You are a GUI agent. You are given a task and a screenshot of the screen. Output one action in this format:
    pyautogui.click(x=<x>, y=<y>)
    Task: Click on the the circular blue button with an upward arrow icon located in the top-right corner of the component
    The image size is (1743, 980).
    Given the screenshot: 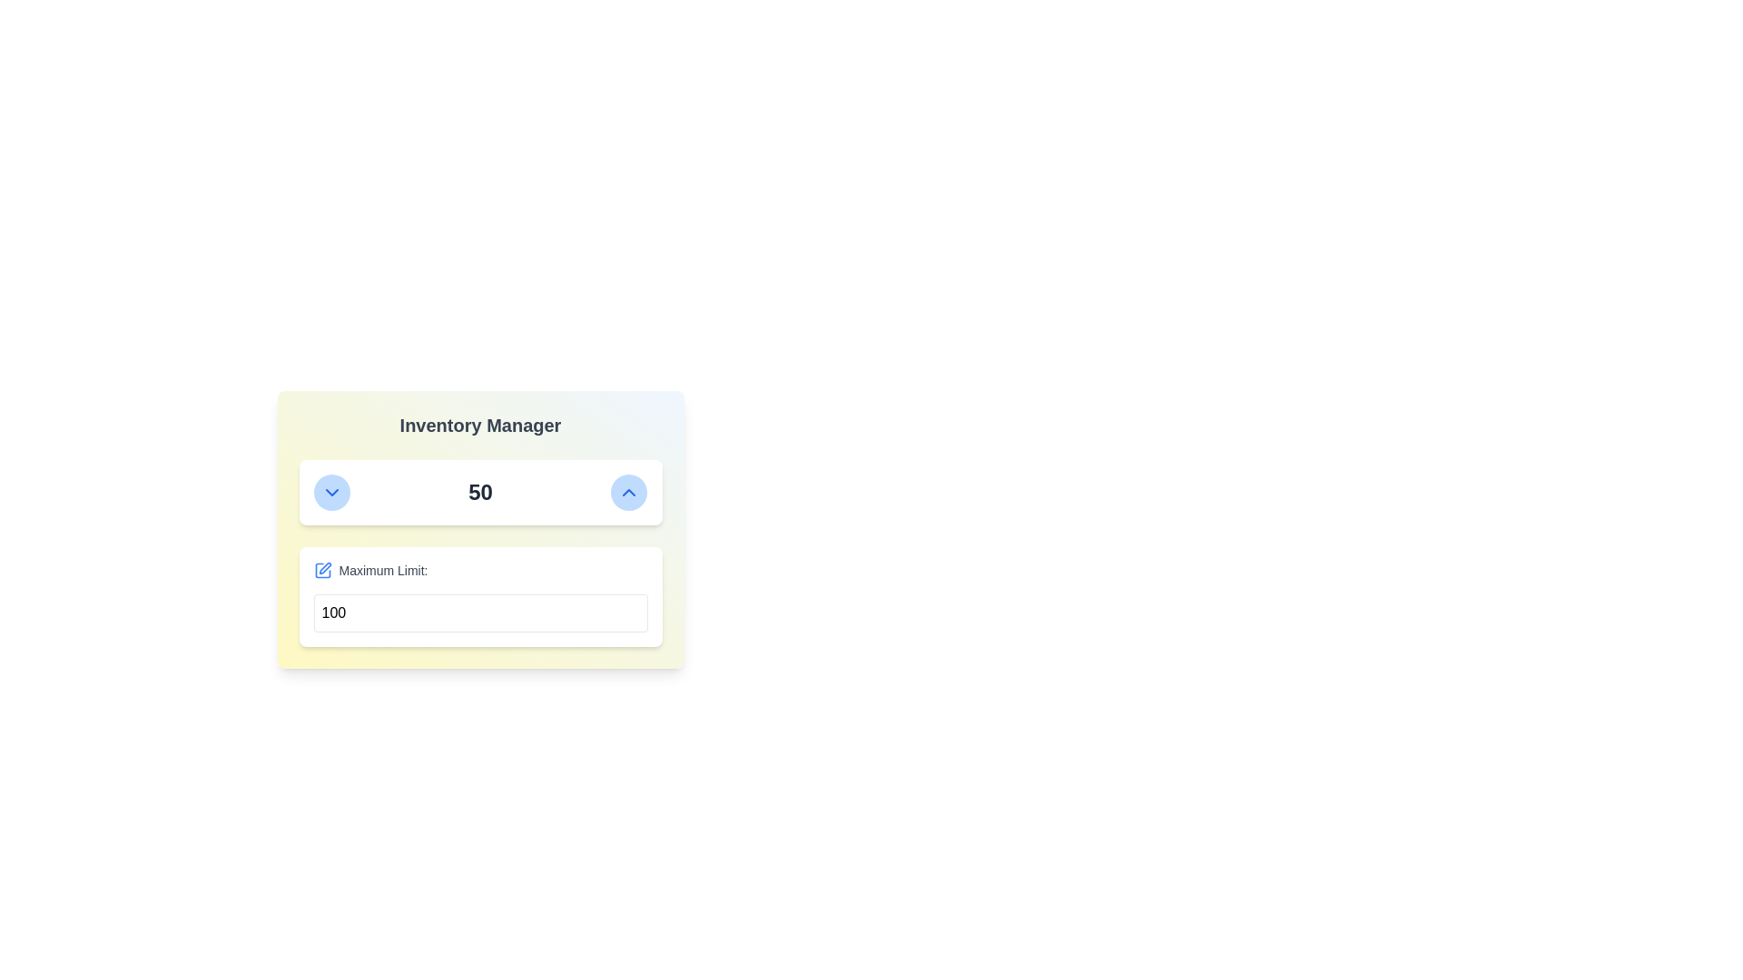 What is the action you would take?
    pyautogui.click(x=629, y=493)
    